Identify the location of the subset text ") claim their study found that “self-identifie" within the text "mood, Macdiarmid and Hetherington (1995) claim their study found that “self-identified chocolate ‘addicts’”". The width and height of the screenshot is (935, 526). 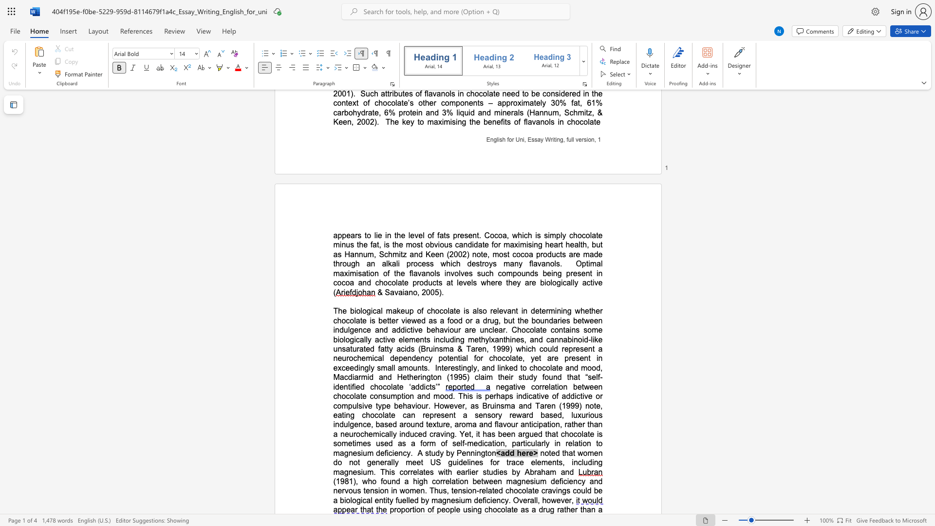
(466, 376).